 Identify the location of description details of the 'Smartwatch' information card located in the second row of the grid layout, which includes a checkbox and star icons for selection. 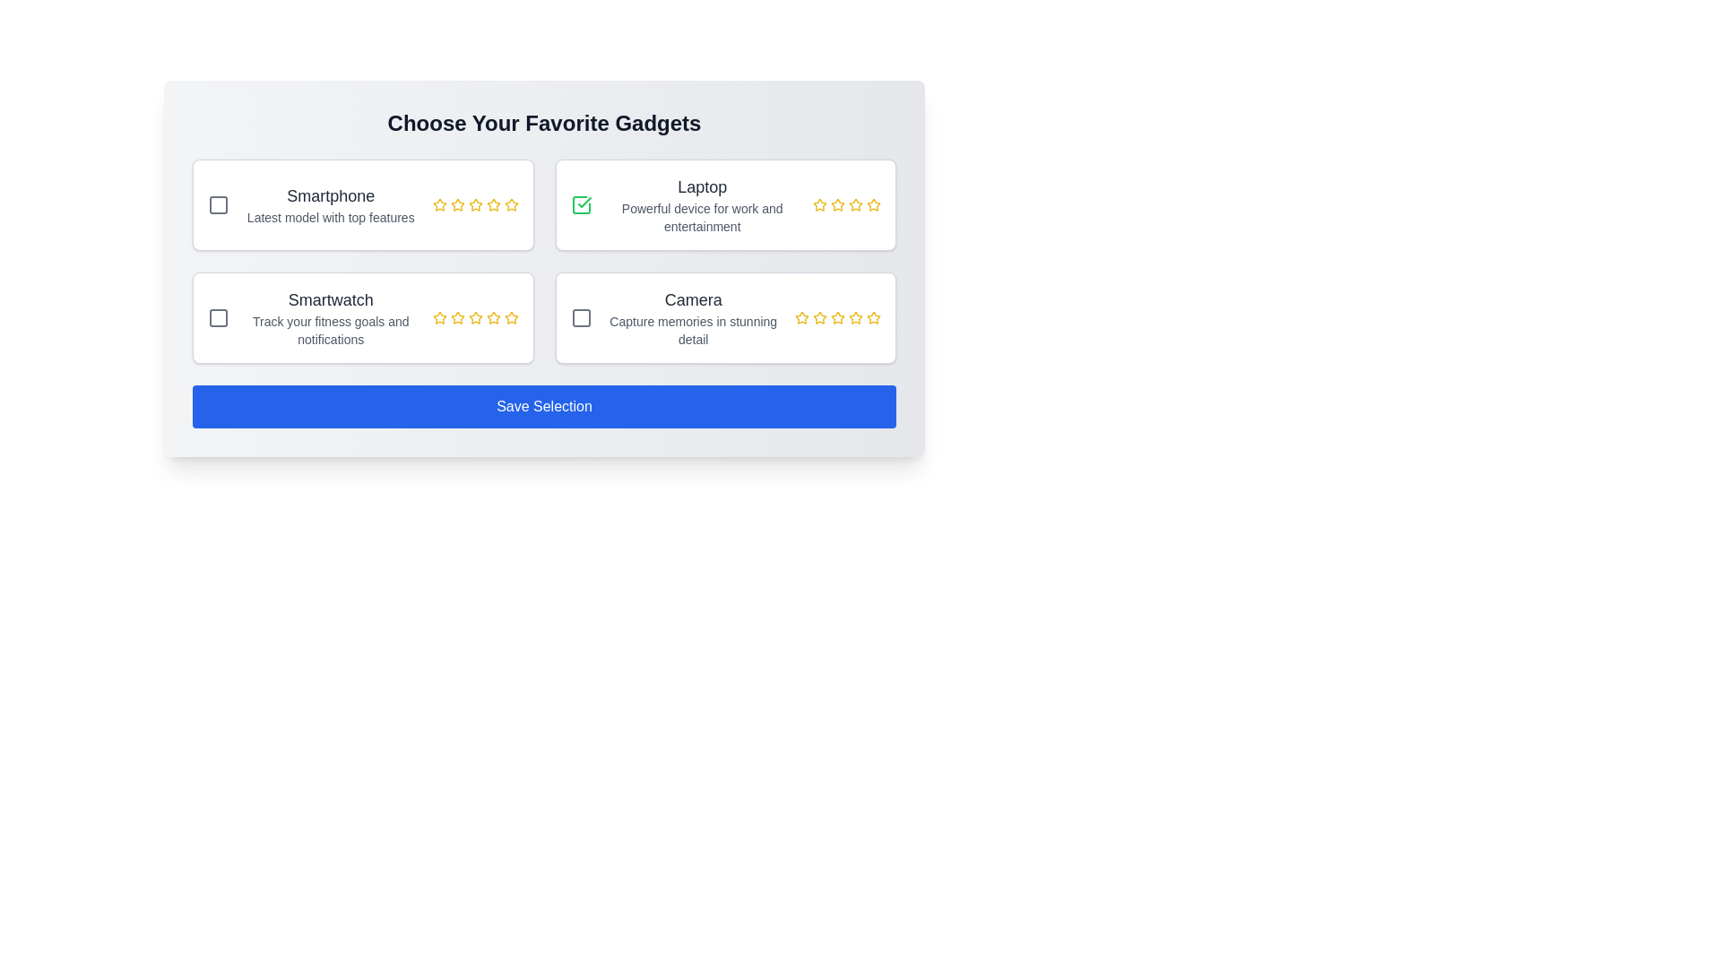
(362, 316).